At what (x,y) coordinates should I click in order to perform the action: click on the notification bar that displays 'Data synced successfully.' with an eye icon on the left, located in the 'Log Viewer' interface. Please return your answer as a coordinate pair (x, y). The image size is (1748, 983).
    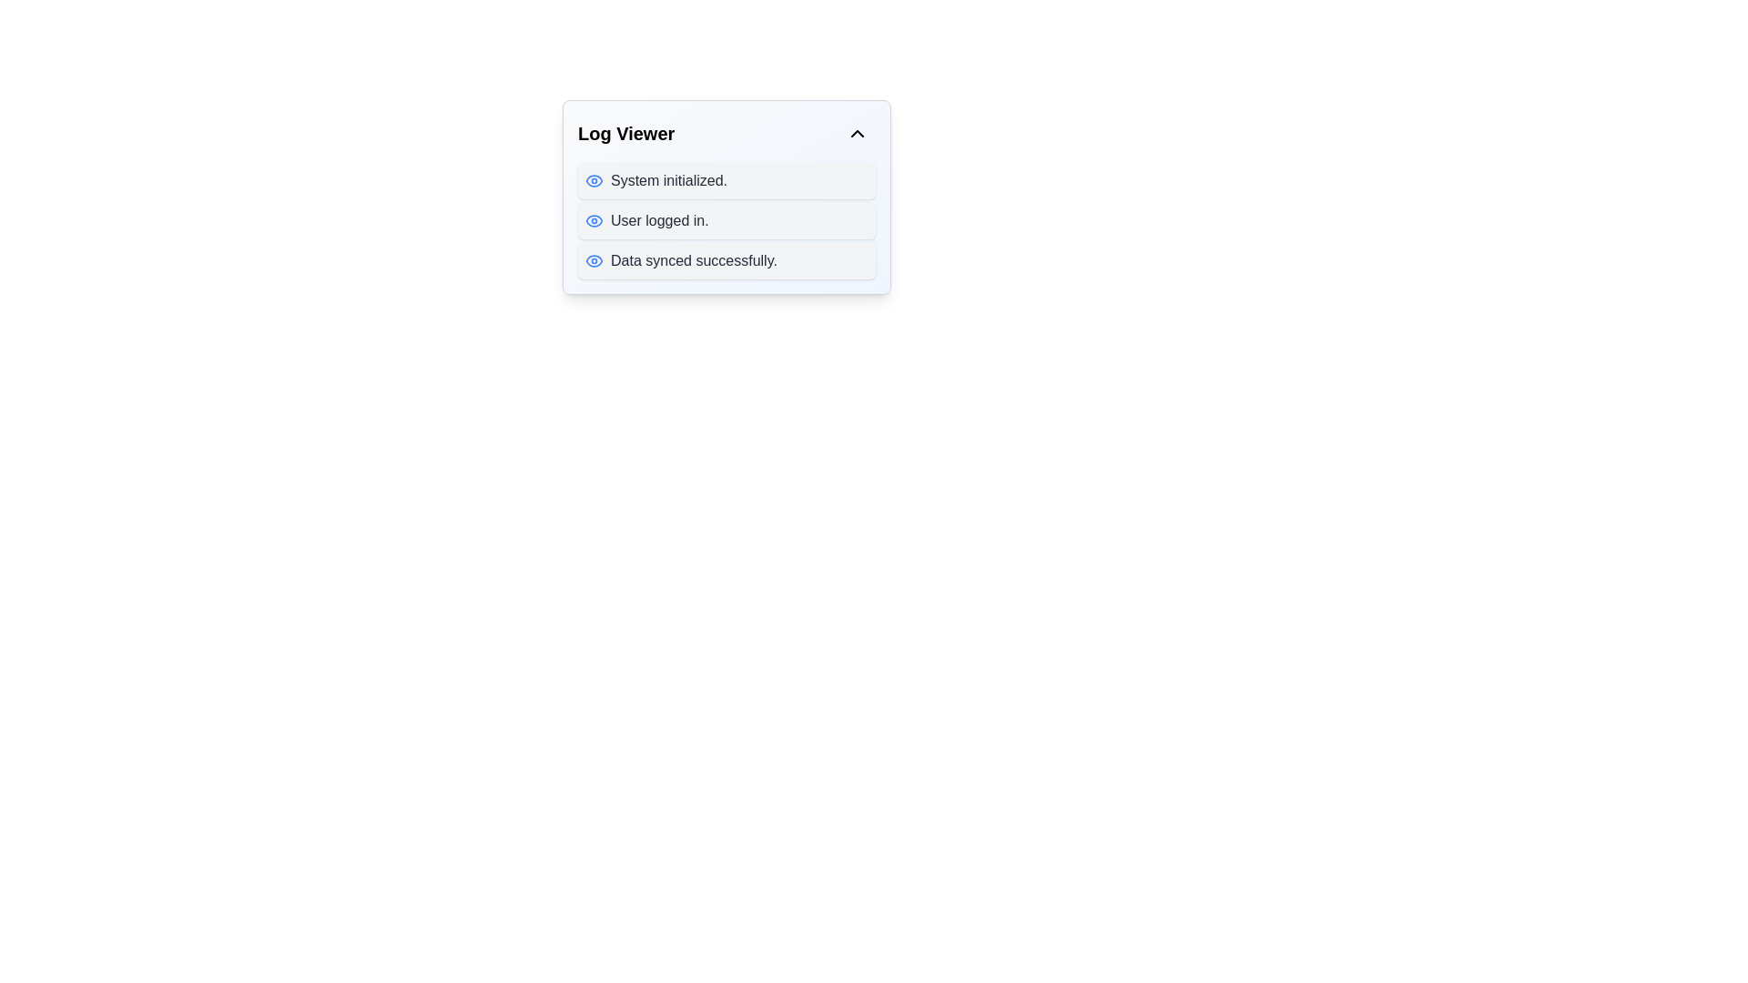
    Looking at the image, I should click on (726, 260).